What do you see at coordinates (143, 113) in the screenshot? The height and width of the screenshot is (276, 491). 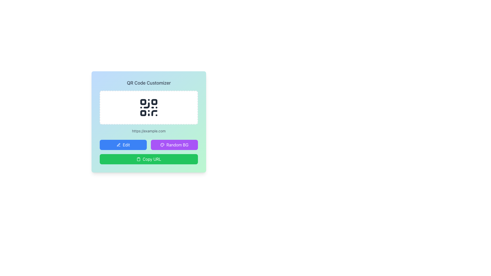 I see `the decorative graphical component located in the lower left corner of the QR code icon, which is visually distinct and part of the QR code structure` at bounding box center [143, 113].